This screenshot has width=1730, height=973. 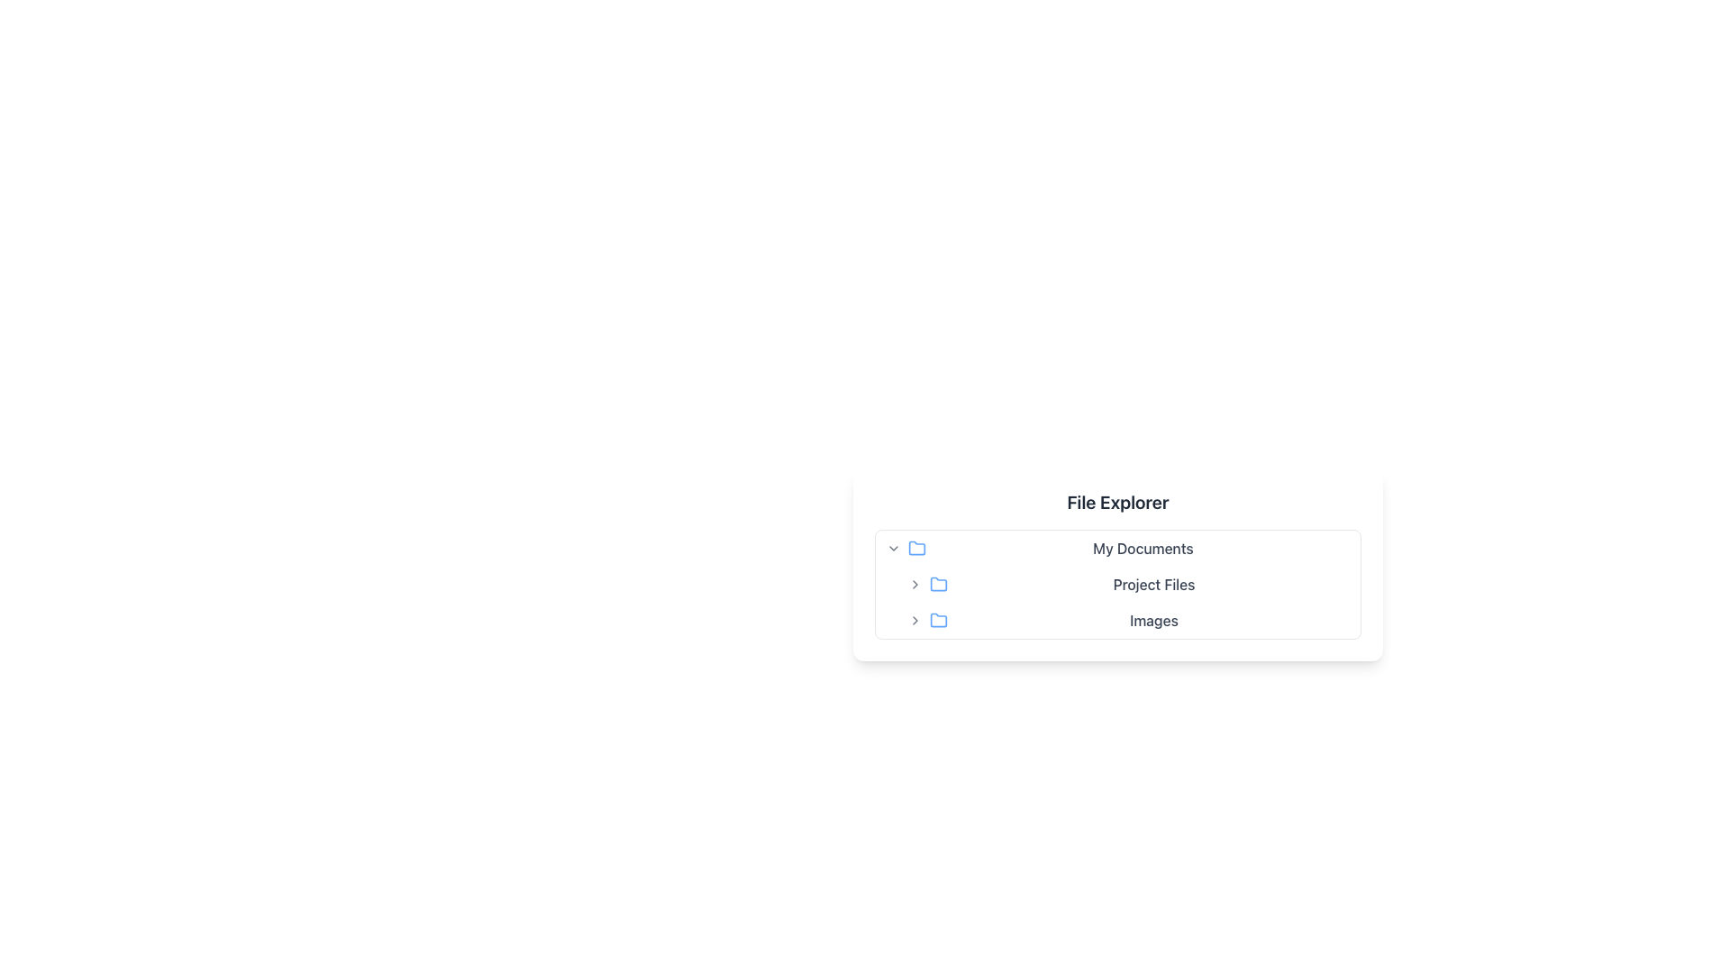 I want to click on the blue folder icon located to the left of the text 'Project Files' for visual feedback, so click(x=937, y=584).